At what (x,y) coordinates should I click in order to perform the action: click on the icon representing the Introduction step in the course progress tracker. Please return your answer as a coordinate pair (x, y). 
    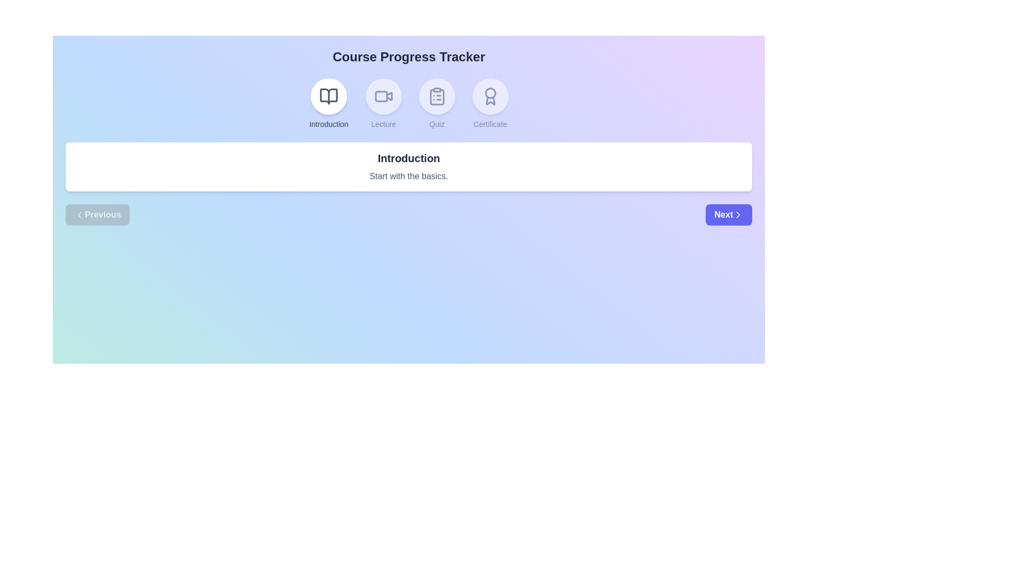
    Looking at the image, I should click on (328, 97).